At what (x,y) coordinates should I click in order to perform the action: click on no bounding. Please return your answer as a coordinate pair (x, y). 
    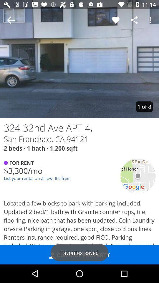
    Looking at the image, I should click on (11, 20).